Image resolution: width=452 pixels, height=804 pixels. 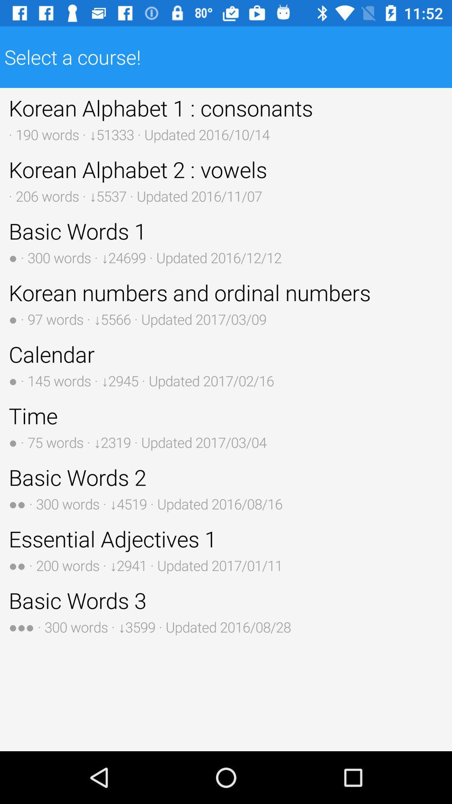 I want to click on time 75 words button, so click(x=226, y=426).